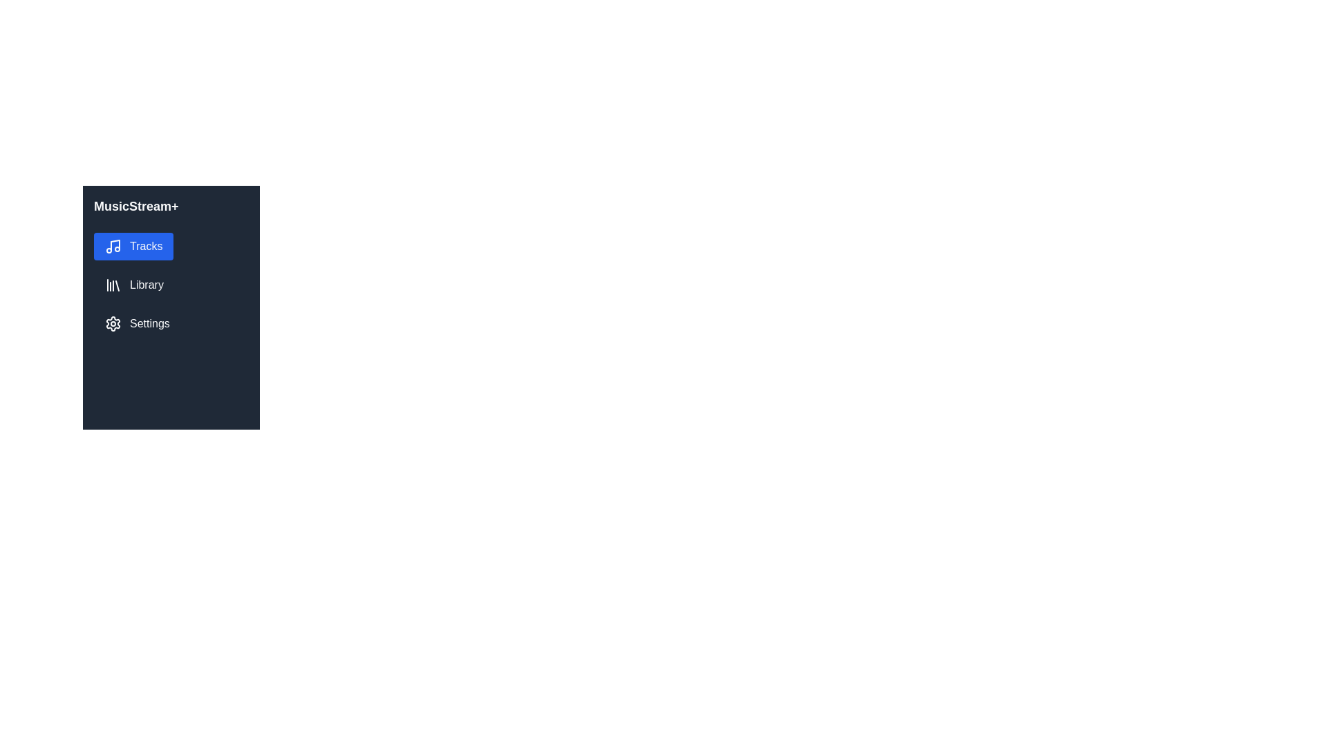 Image resolution: width=1327 pixels, height=746 pixels. I want to click on the third button in the sidebar menu, so click(137, 324).